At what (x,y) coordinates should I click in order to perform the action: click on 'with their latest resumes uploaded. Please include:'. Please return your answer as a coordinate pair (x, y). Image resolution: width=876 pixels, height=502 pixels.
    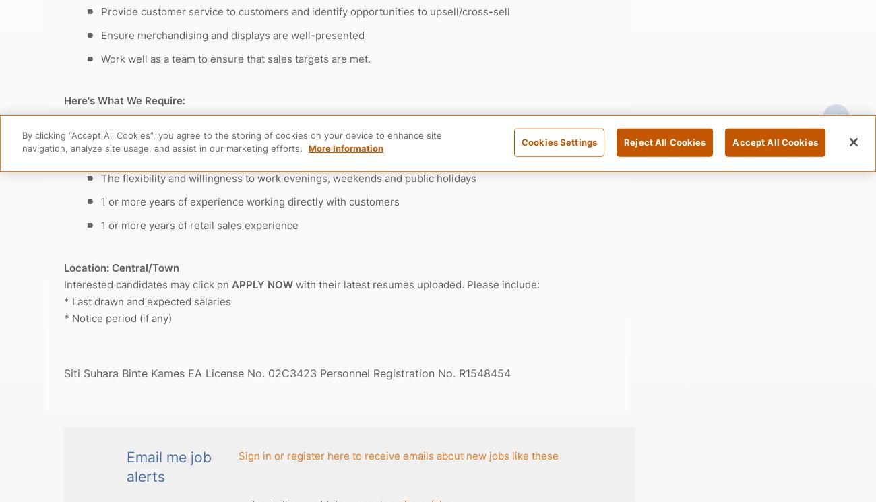
    Looking at the image, I should click on (416, 284).